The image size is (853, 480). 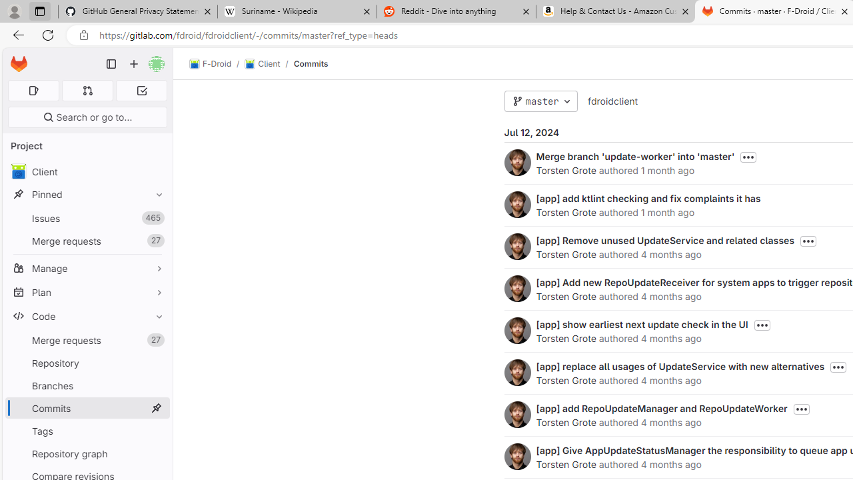 What do you see at coordinates (138, 11) in the screenshot?
I see `'GitHub General Privacy Statement - GitHub Docs'` at bounding box center [138, 11].